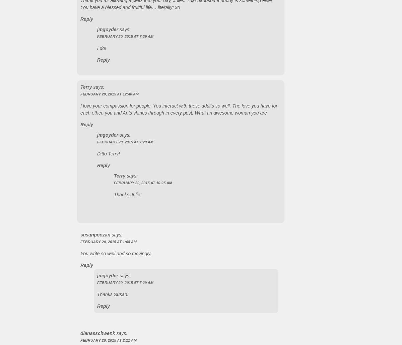  I want to click on 'February 20, 2015 at 1:08 AM', so click(108, 241).